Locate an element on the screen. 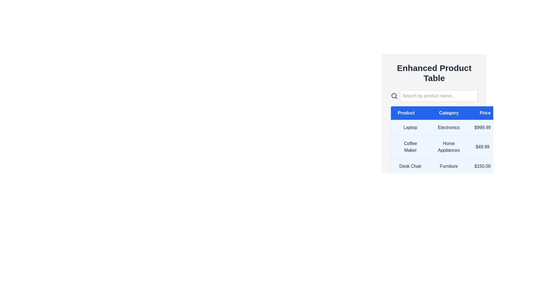 The image size is (540, 303). the second row in the table that displays the product 'Coffee Maker', its category 'Home Appliances', and price '$49.99' is located at coordinates (444, 147).